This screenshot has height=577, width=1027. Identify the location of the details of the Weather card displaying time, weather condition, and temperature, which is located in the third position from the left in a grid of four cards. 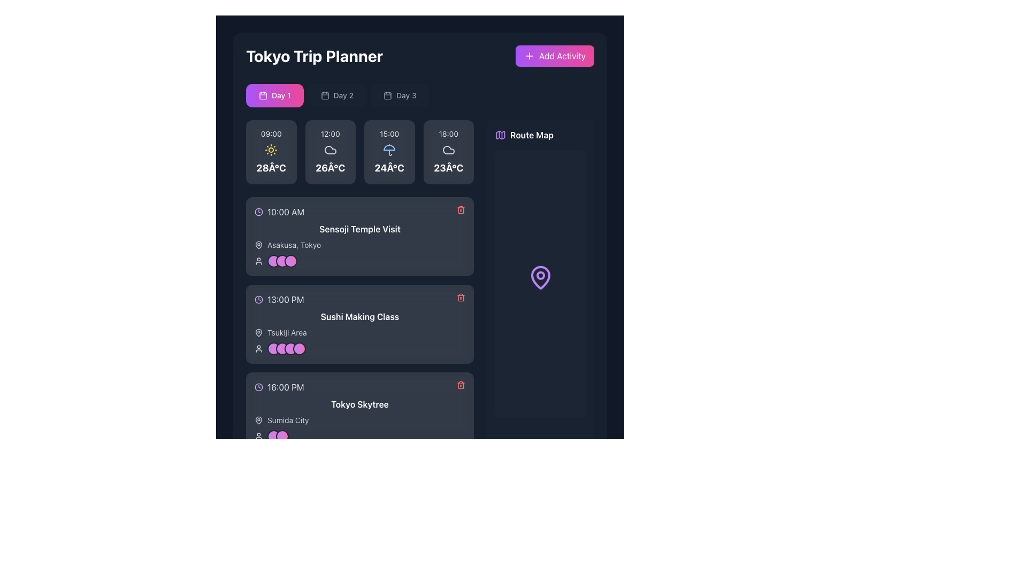
(389, 152).